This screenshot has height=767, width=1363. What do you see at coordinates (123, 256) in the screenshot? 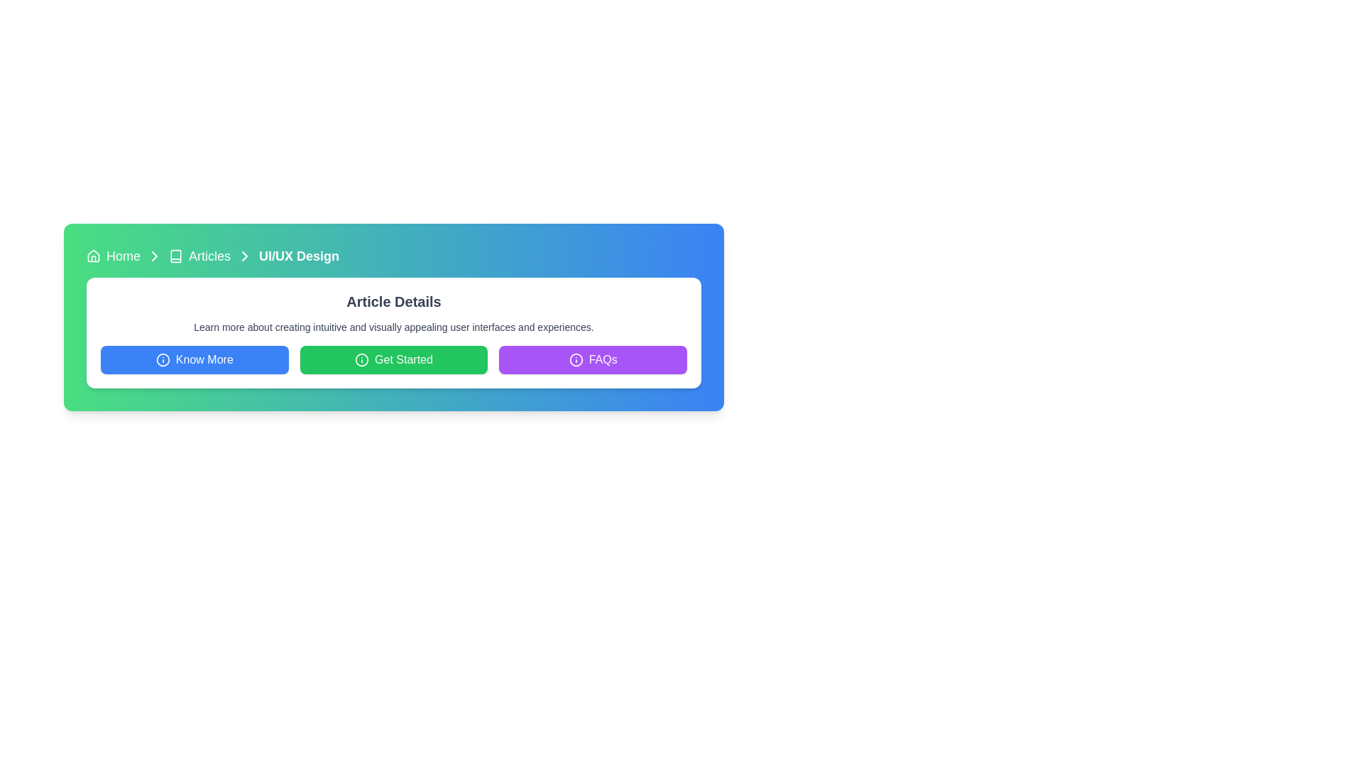
I see `the 'Home' hyperlink in the breadcrumb navigation bar` at bounding box center [123, 256].